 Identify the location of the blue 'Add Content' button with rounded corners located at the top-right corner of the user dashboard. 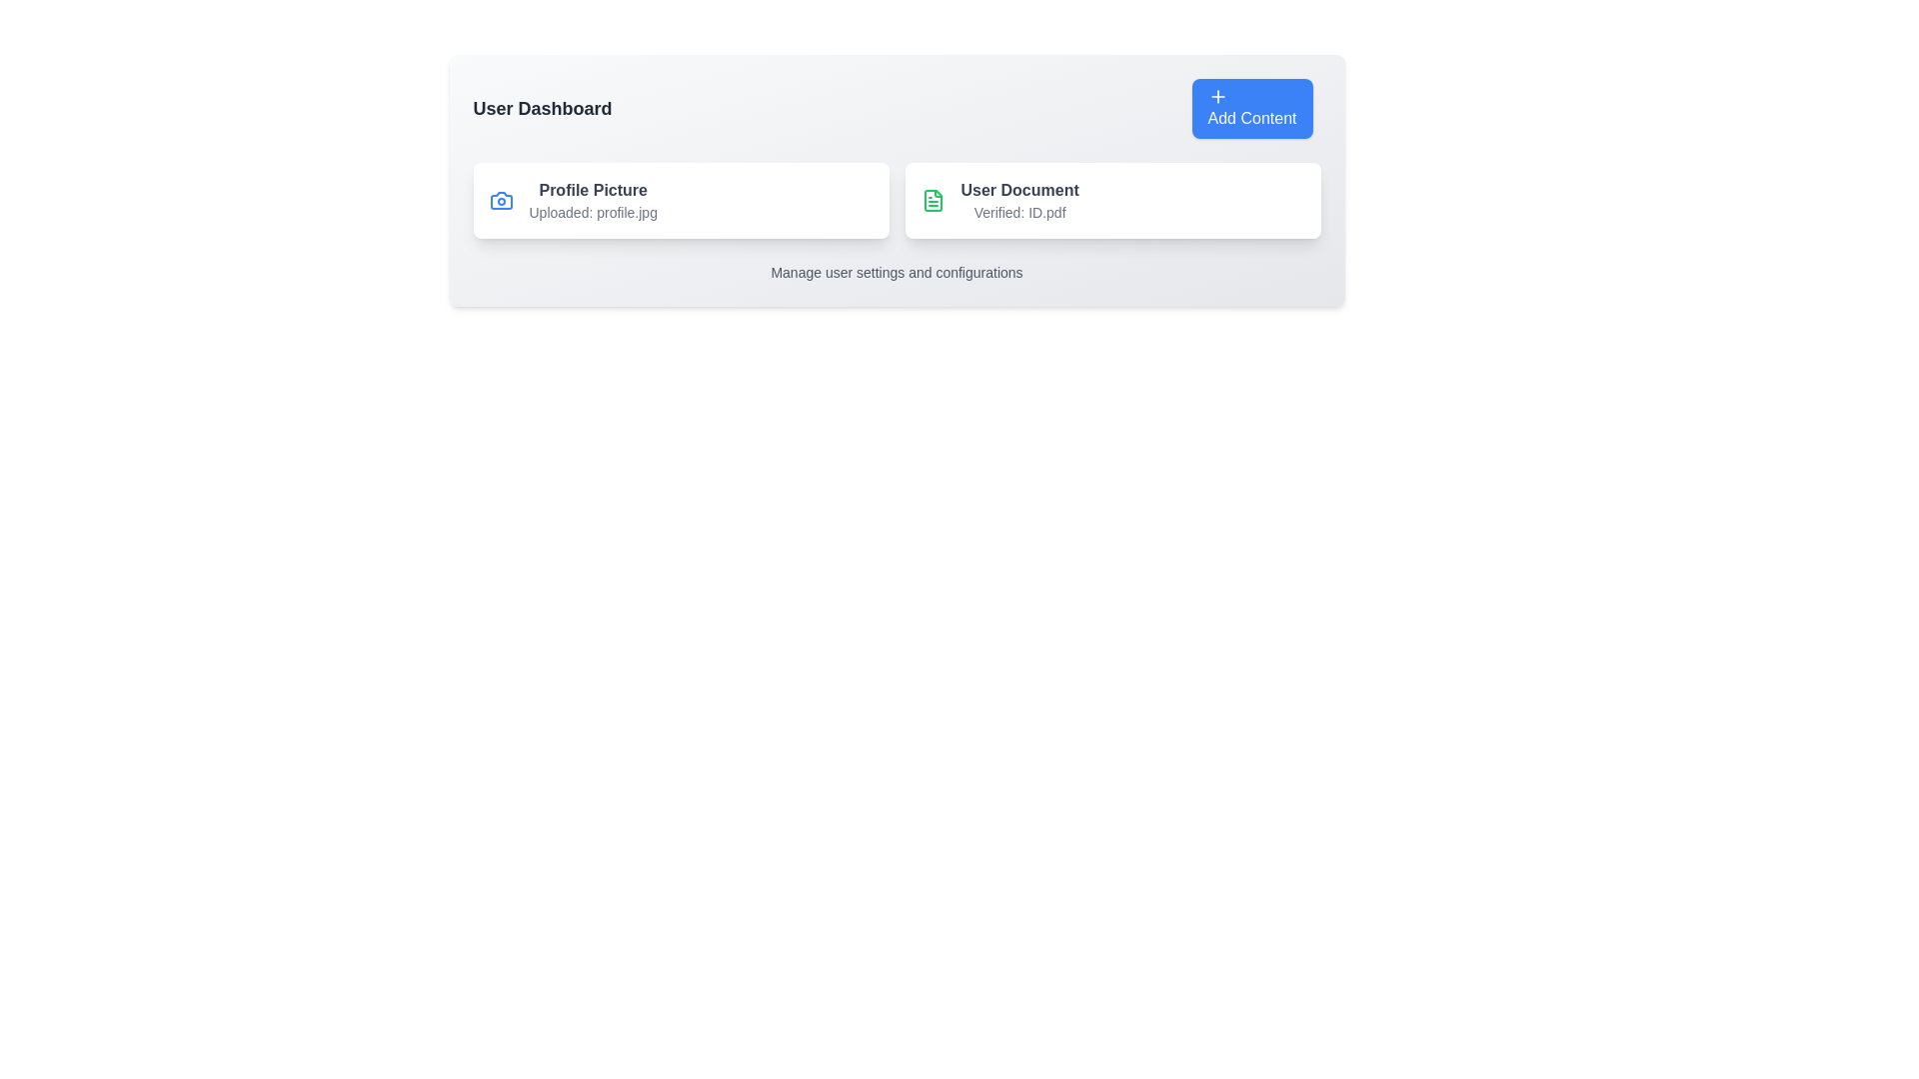
(1250, 108).